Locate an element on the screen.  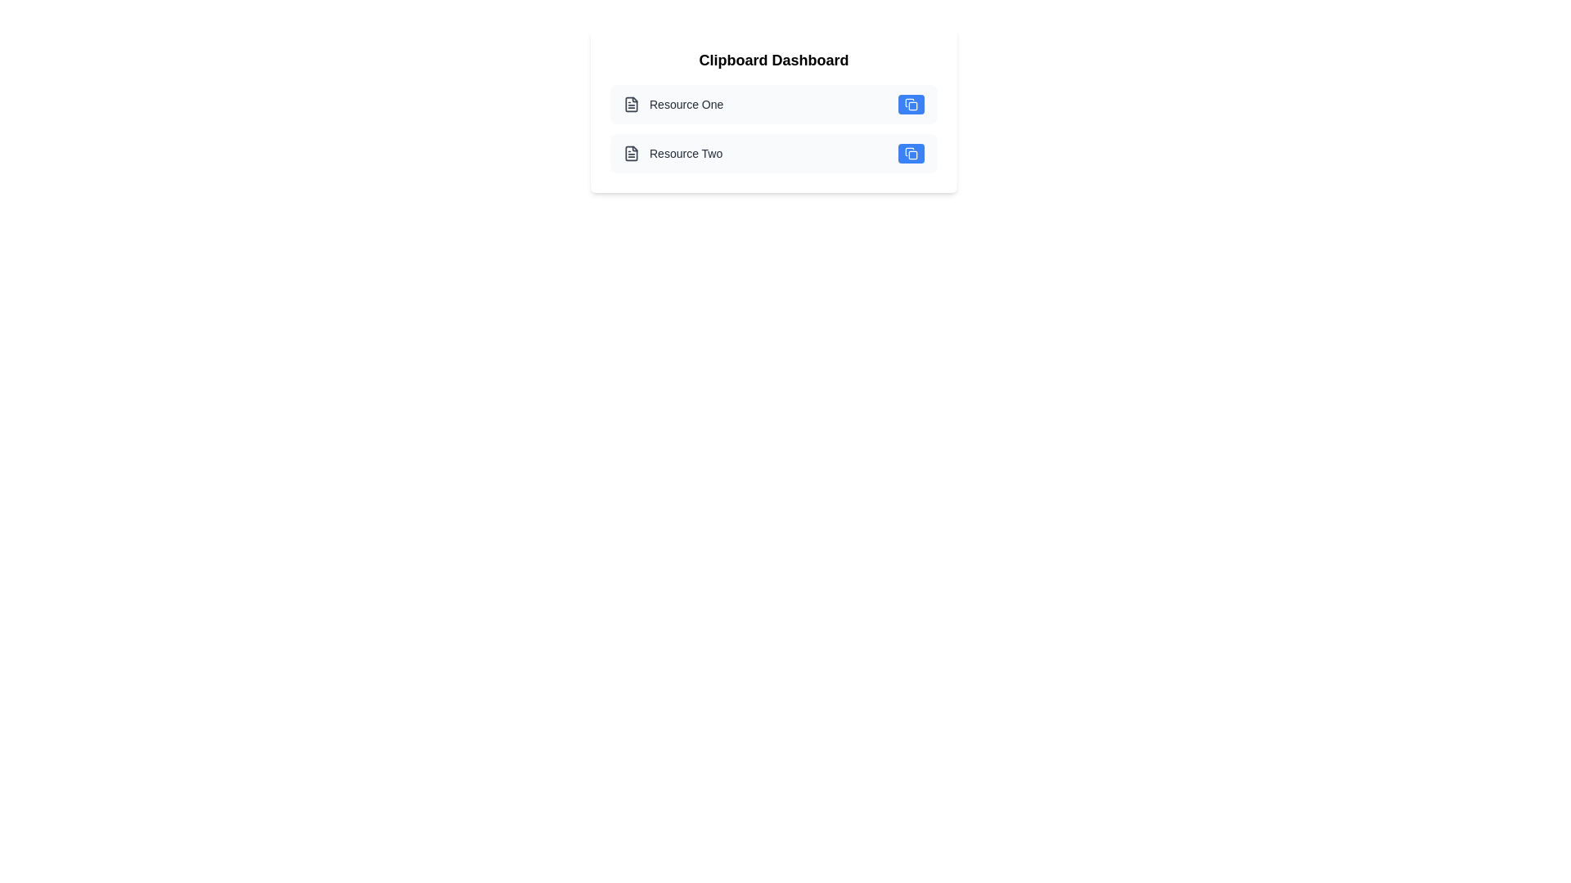
the list item displaying 'Resource Two' which is part of a vertically stacked list and follows 'Resource One' is located at coordinates (673, 154).